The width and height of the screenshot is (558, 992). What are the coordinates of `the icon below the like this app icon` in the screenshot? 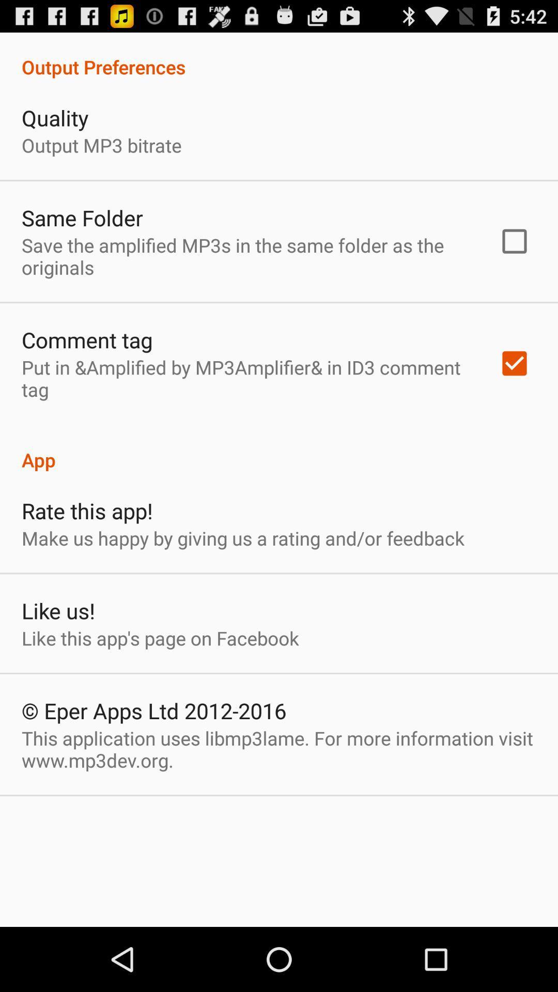 It's located at (154, 710).